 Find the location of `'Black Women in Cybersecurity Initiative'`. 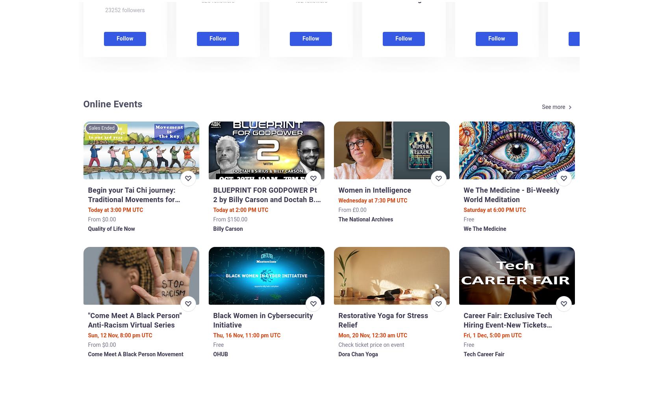

'Black Women in Cybersecurity Initiative' is located at coordinates (213, 319).